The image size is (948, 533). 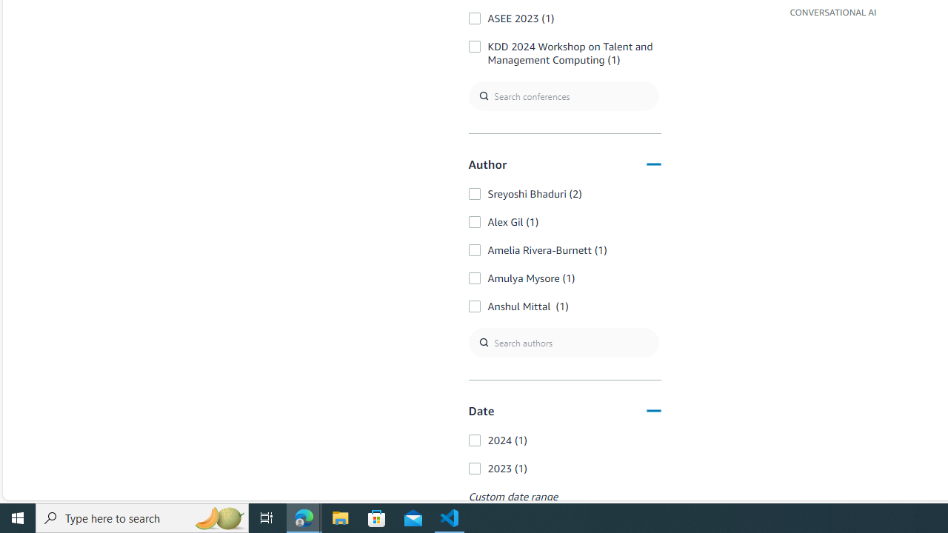 What do you see at coordinates (562, 95) in the screenshot?
I see `'Search conferences'` at bounding box center [562, 95].